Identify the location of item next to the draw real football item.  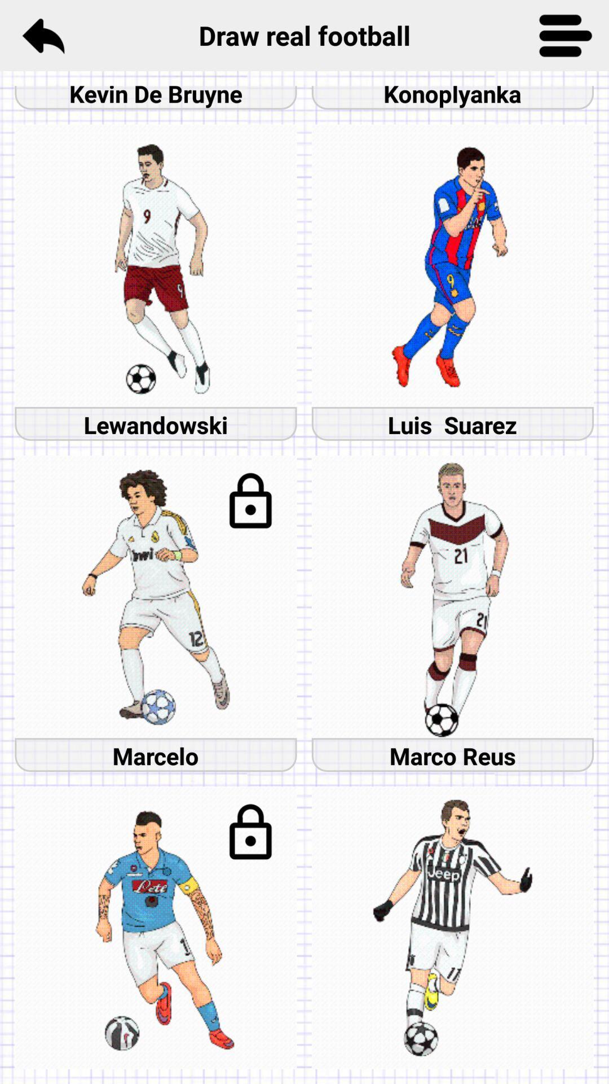
(42, 35).